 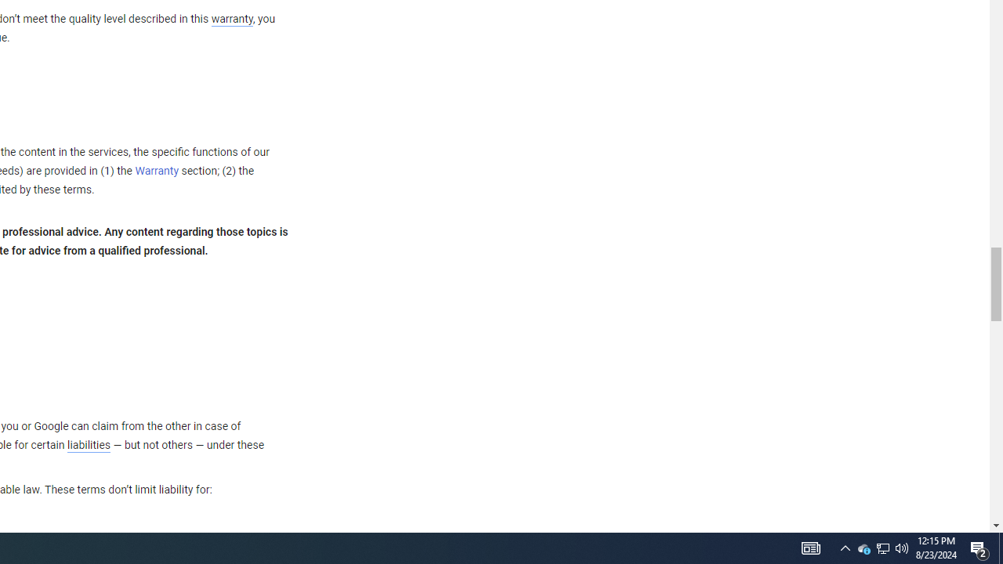 What do you see at coordinates (230, 20) in the screenshot?
I see `'warranty'` at bounding box center [230, 20].